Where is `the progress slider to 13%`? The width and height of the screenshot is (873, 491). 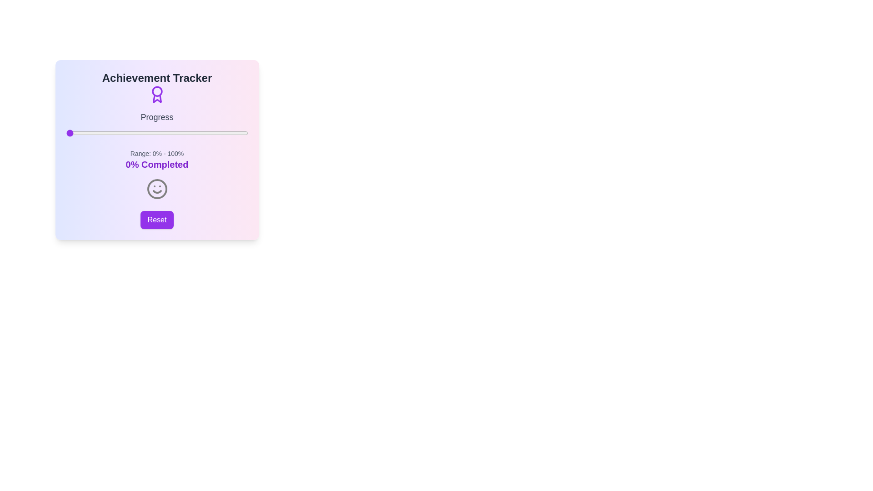
the progress slider to 13% is located at coordinates (90, 133).